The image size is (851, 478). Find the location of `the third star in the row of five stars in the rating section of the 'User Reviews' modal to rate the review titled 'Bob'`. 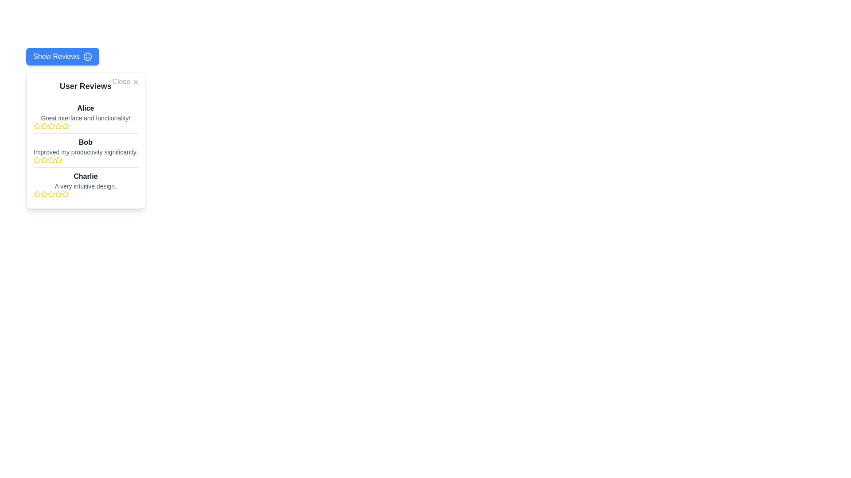

the third star in the row of five stars in the rating section of the 'User Reviews' modal to rate the review titled 'Bob' is located at coordinates (44, 160).